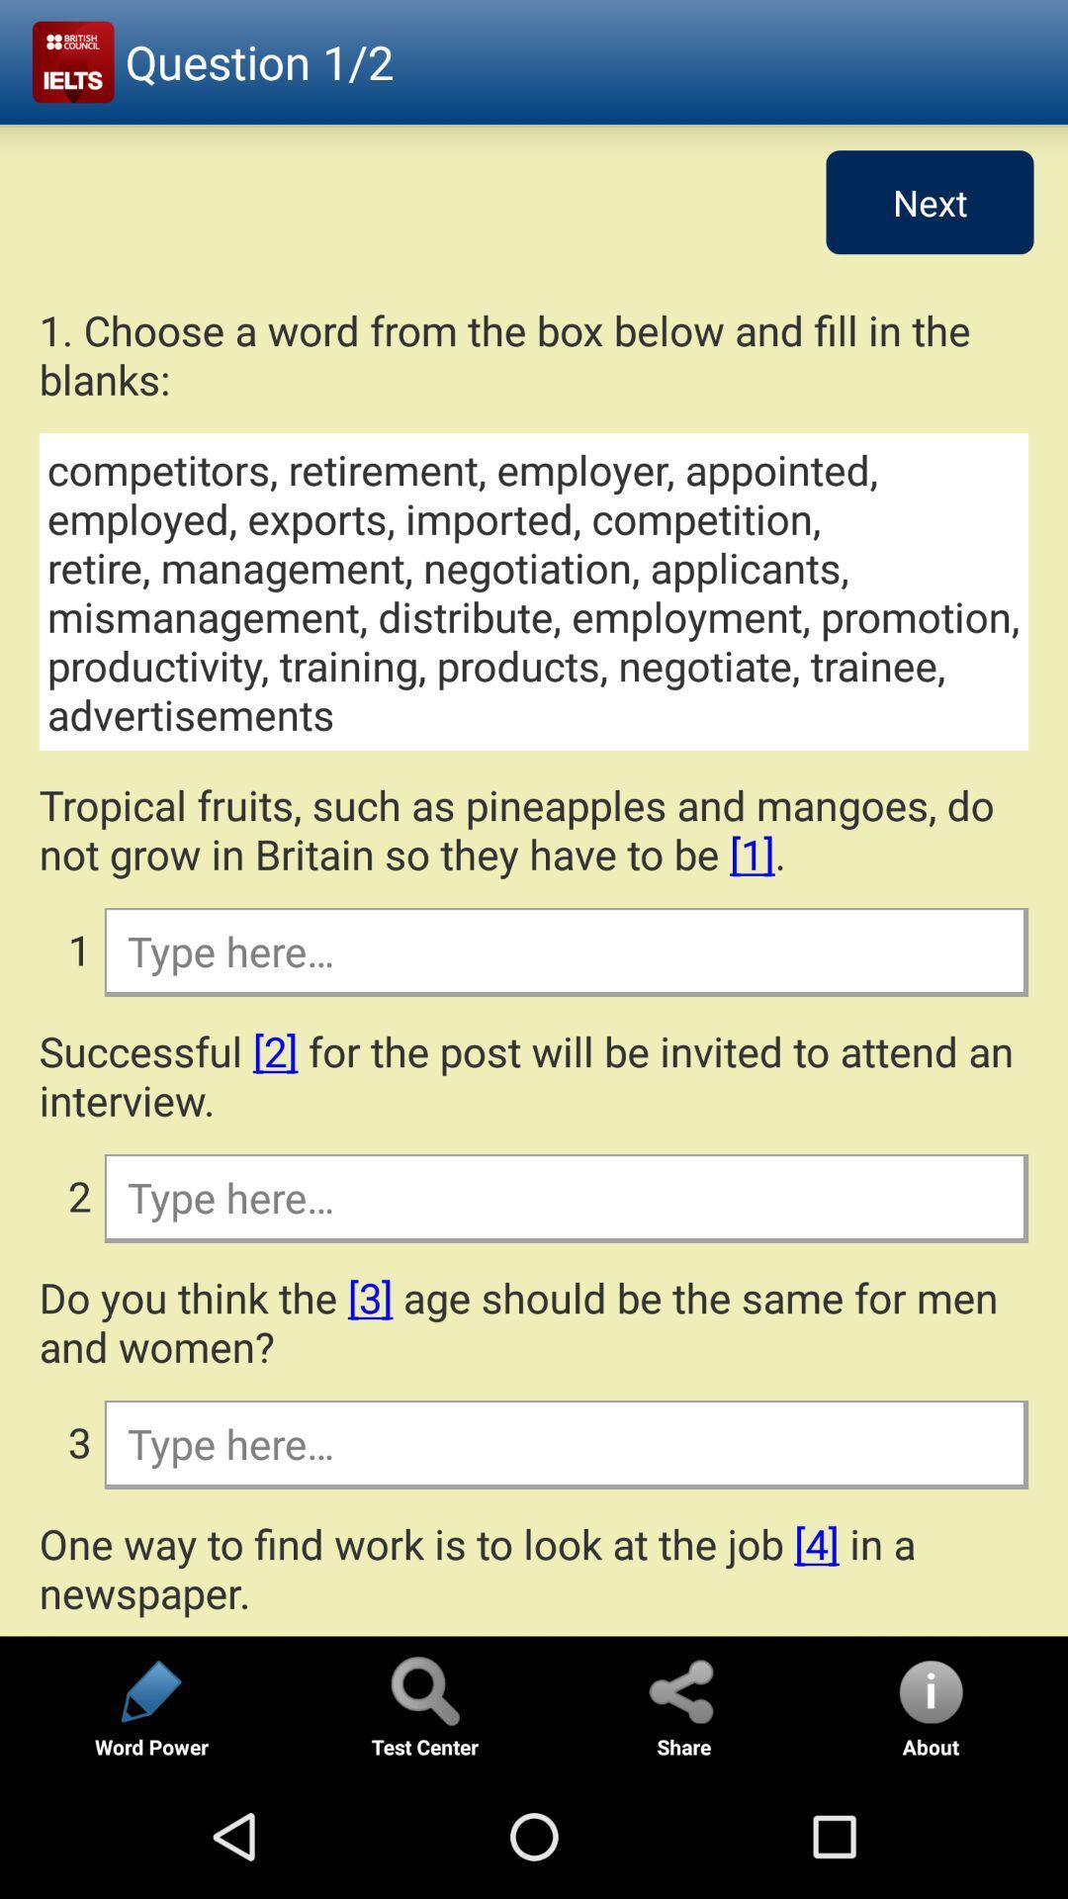  Describe the element at coordinates (565, 1196) in the screenshot. I see `type box` at that location.